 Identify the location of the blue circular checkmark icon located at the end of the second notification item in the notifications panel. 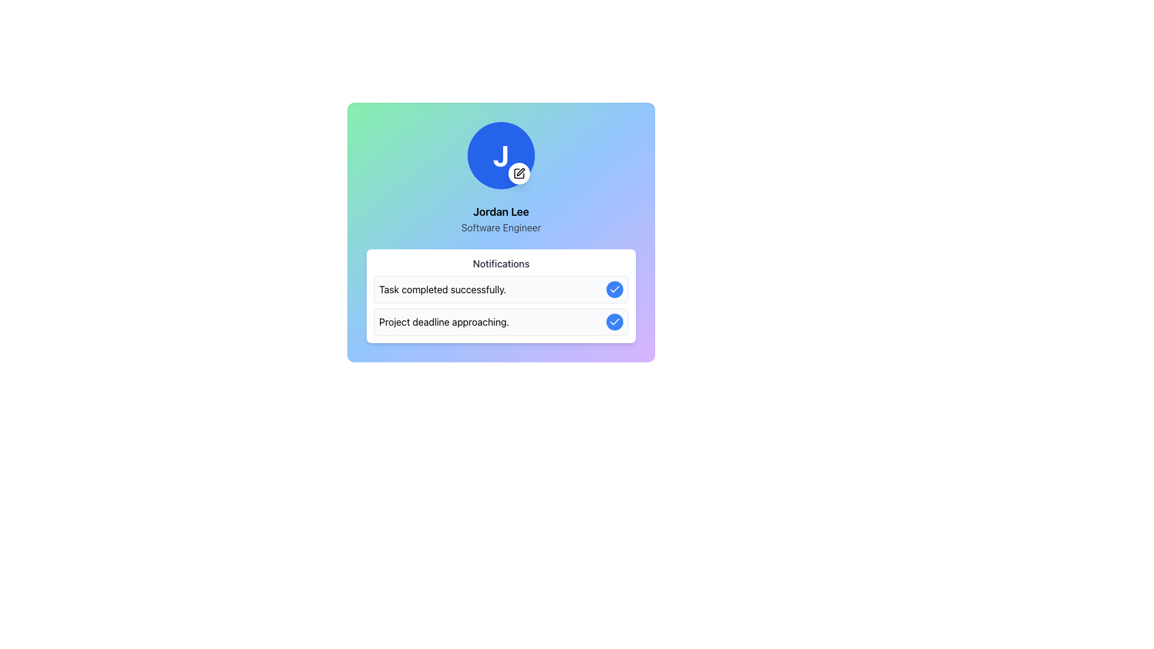
(614, 321).